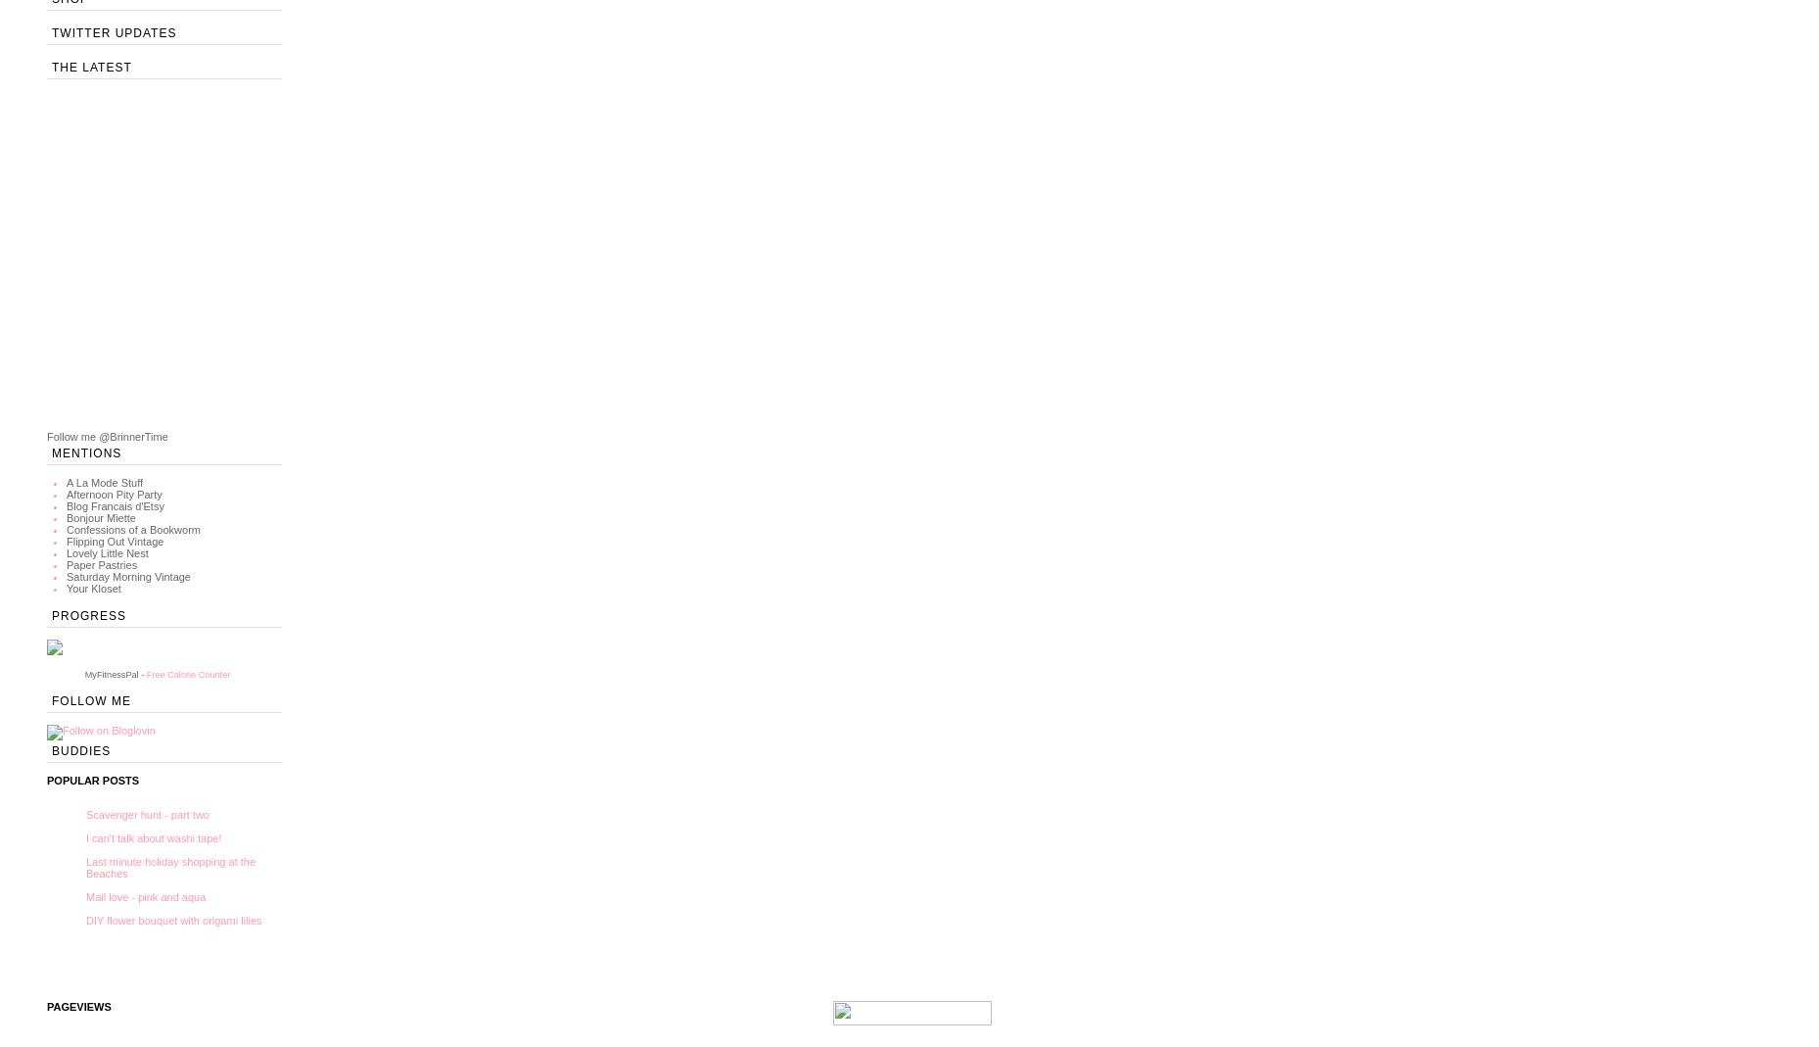 Image resolution: width=1819 pixels, height=1047 pixels. Describe the element at coordinates (102, 565) in the screenshot. I see `'Paper Pastries'` at that location.